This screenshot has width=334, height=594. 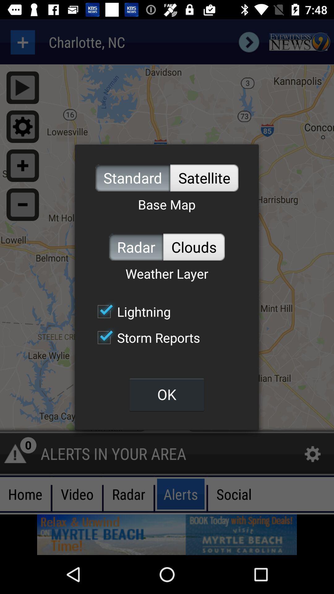 I want to click on the satellite icon, so click(x=204, y=178).